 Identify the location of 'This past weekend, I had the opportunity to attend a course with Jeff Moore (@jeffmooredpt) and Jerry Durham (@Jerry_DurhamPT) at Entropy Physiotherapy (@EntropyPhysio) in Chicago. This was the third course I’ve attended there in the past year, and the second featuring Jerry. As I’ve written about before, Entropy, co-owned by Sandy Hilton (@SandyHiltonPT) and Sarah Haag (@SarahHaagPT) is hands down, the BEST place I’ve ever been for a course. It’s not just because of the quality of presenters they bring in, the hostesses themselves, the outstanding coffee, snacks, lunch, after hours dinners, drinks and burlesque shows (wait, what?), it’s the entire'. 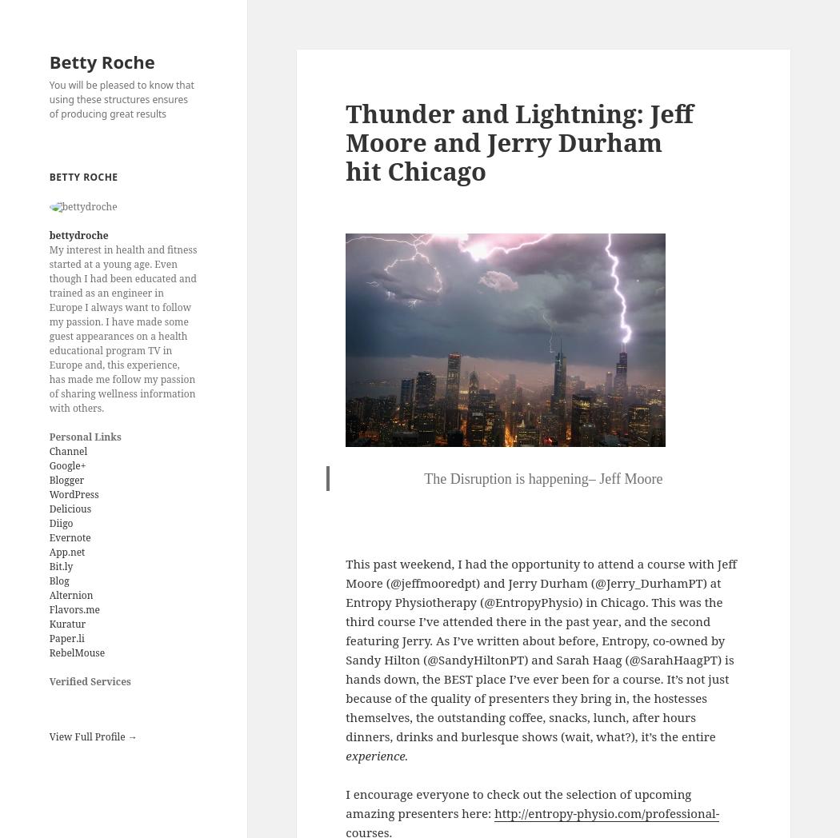
(540, 648).